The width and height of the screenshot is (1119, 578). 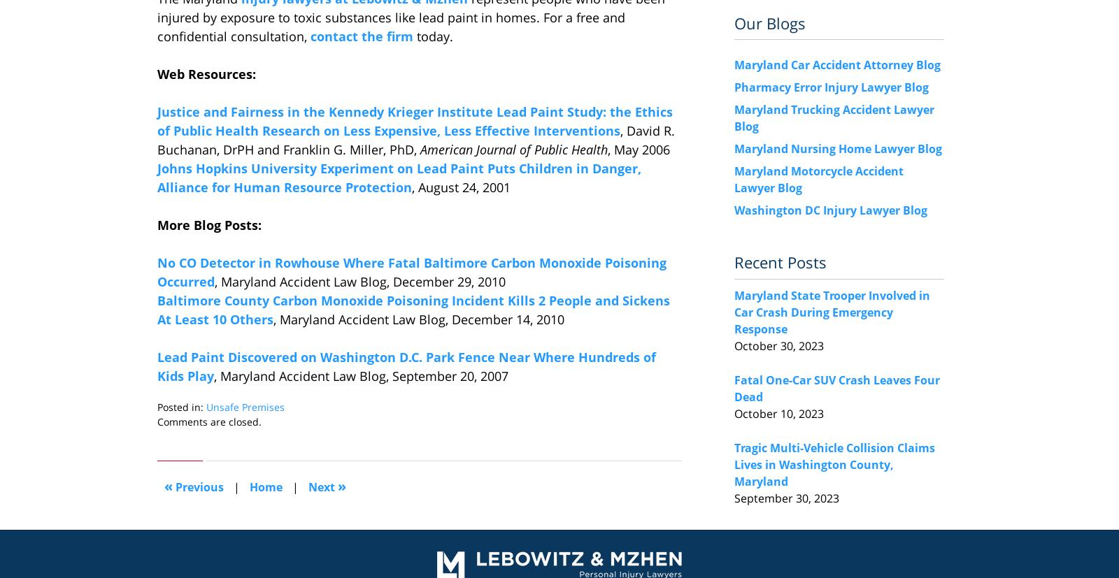 I want to click on 'Posted in:', so click(x=180, y=407).